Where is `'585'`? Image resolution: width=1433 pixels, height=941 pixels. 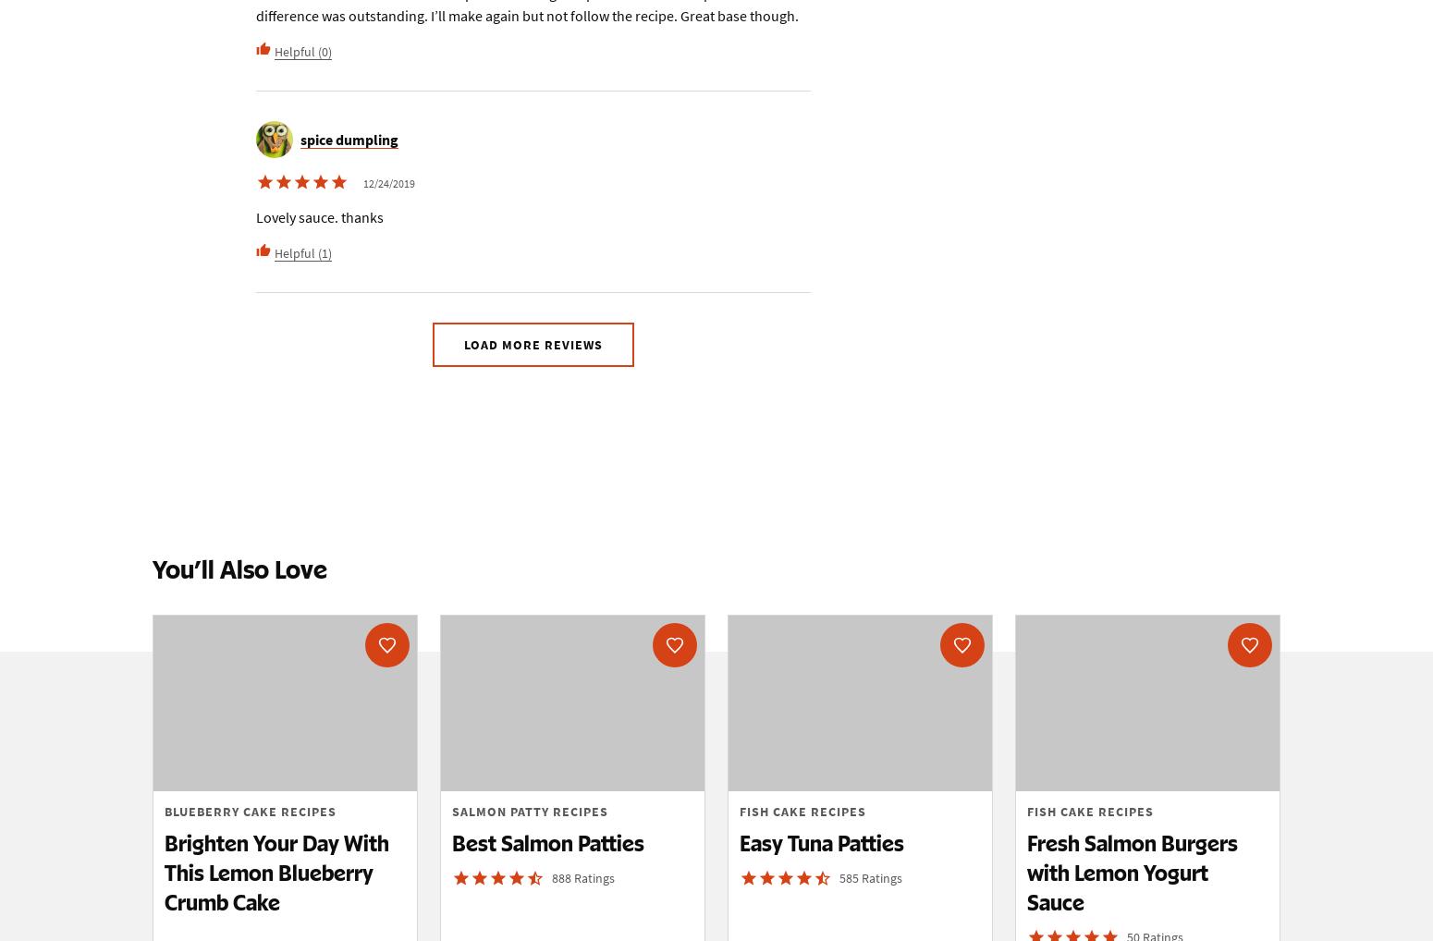 '585' is located at coordinates (850, 876).